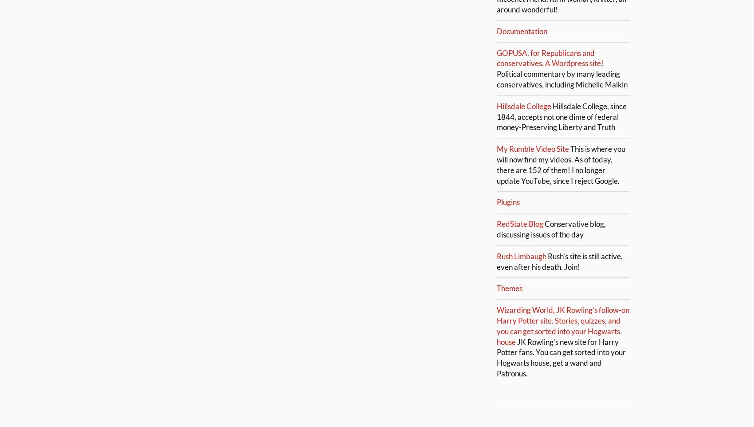  I want to click on 'Hillsdale College, since 1844, accepts not one dime of federal money-Preserving Liberty and Truth', so click(561, 116).